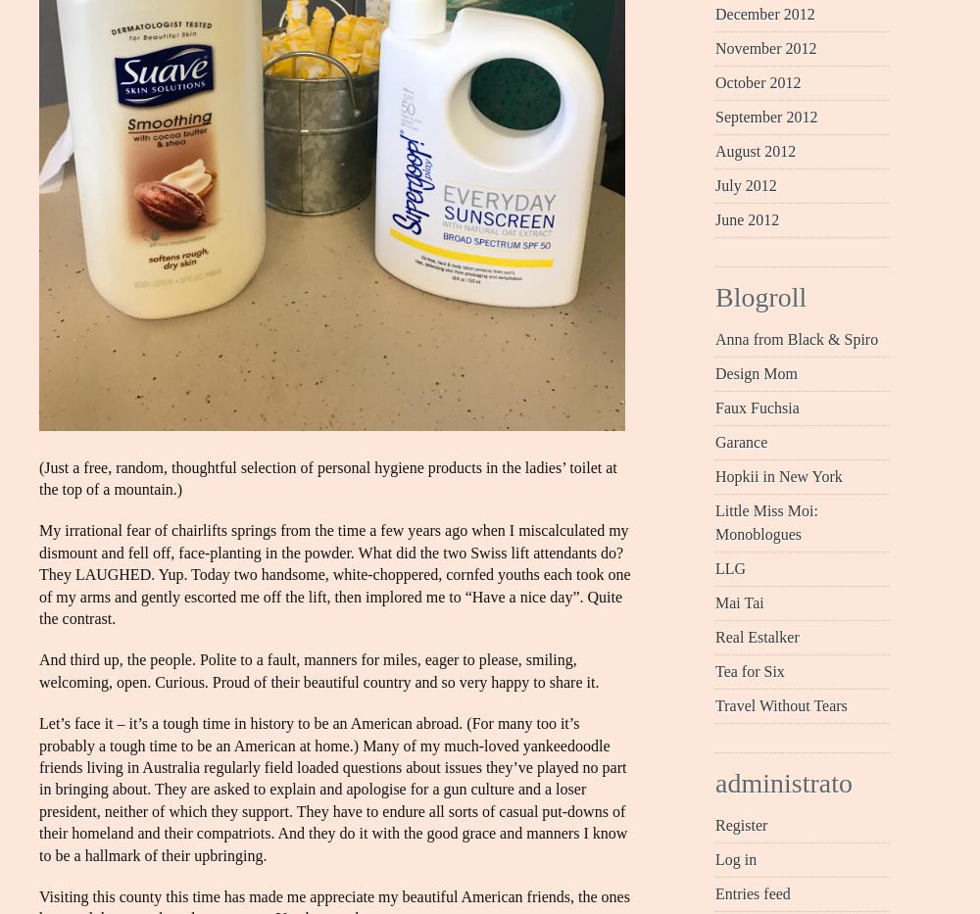  I want to click on 'Blogroll', so click(760, 296).